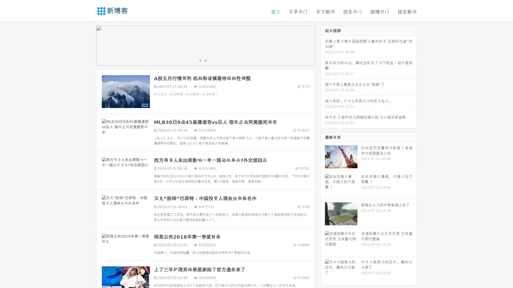  What do you see at coordinates (211, 60) in the screenshot?
I see `Go to slide 3` at bounding box center [211, 60].